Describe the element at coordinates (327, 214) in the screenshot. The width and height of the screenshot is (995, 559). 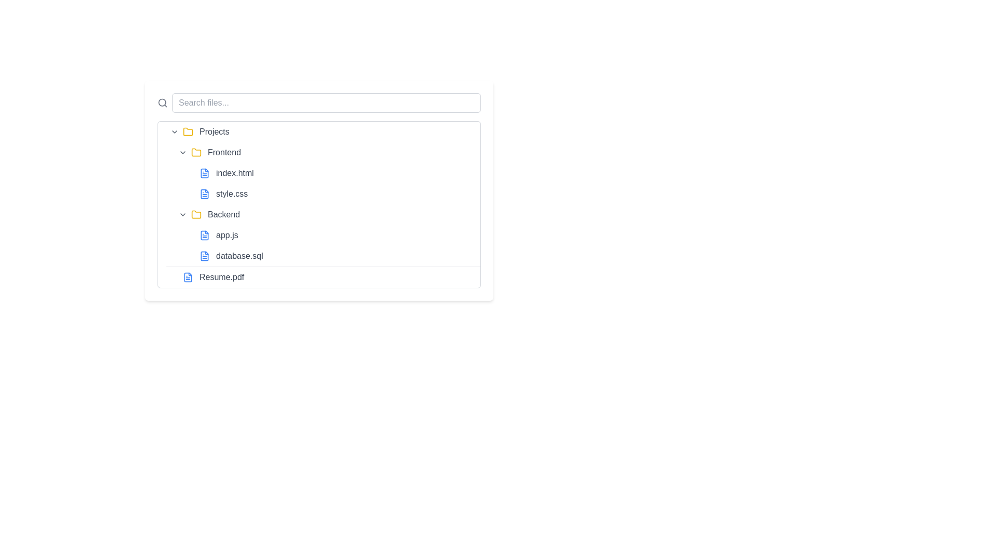
I see `the second folder entry in the 'Projects' group labeled 'Backend'` at that location.